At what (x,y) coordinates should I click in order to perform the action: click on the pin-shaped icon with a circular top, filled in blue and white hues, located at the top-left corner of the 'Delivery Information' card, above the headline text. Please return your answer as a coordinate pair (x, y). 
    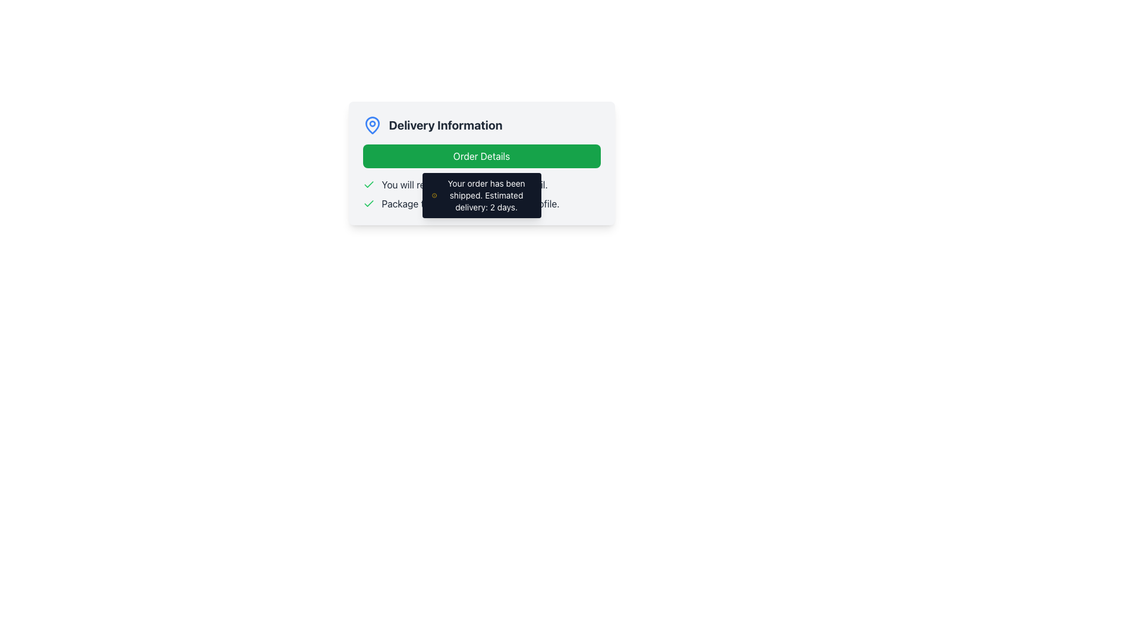
    Looking at the image, I should click on (371, 125).